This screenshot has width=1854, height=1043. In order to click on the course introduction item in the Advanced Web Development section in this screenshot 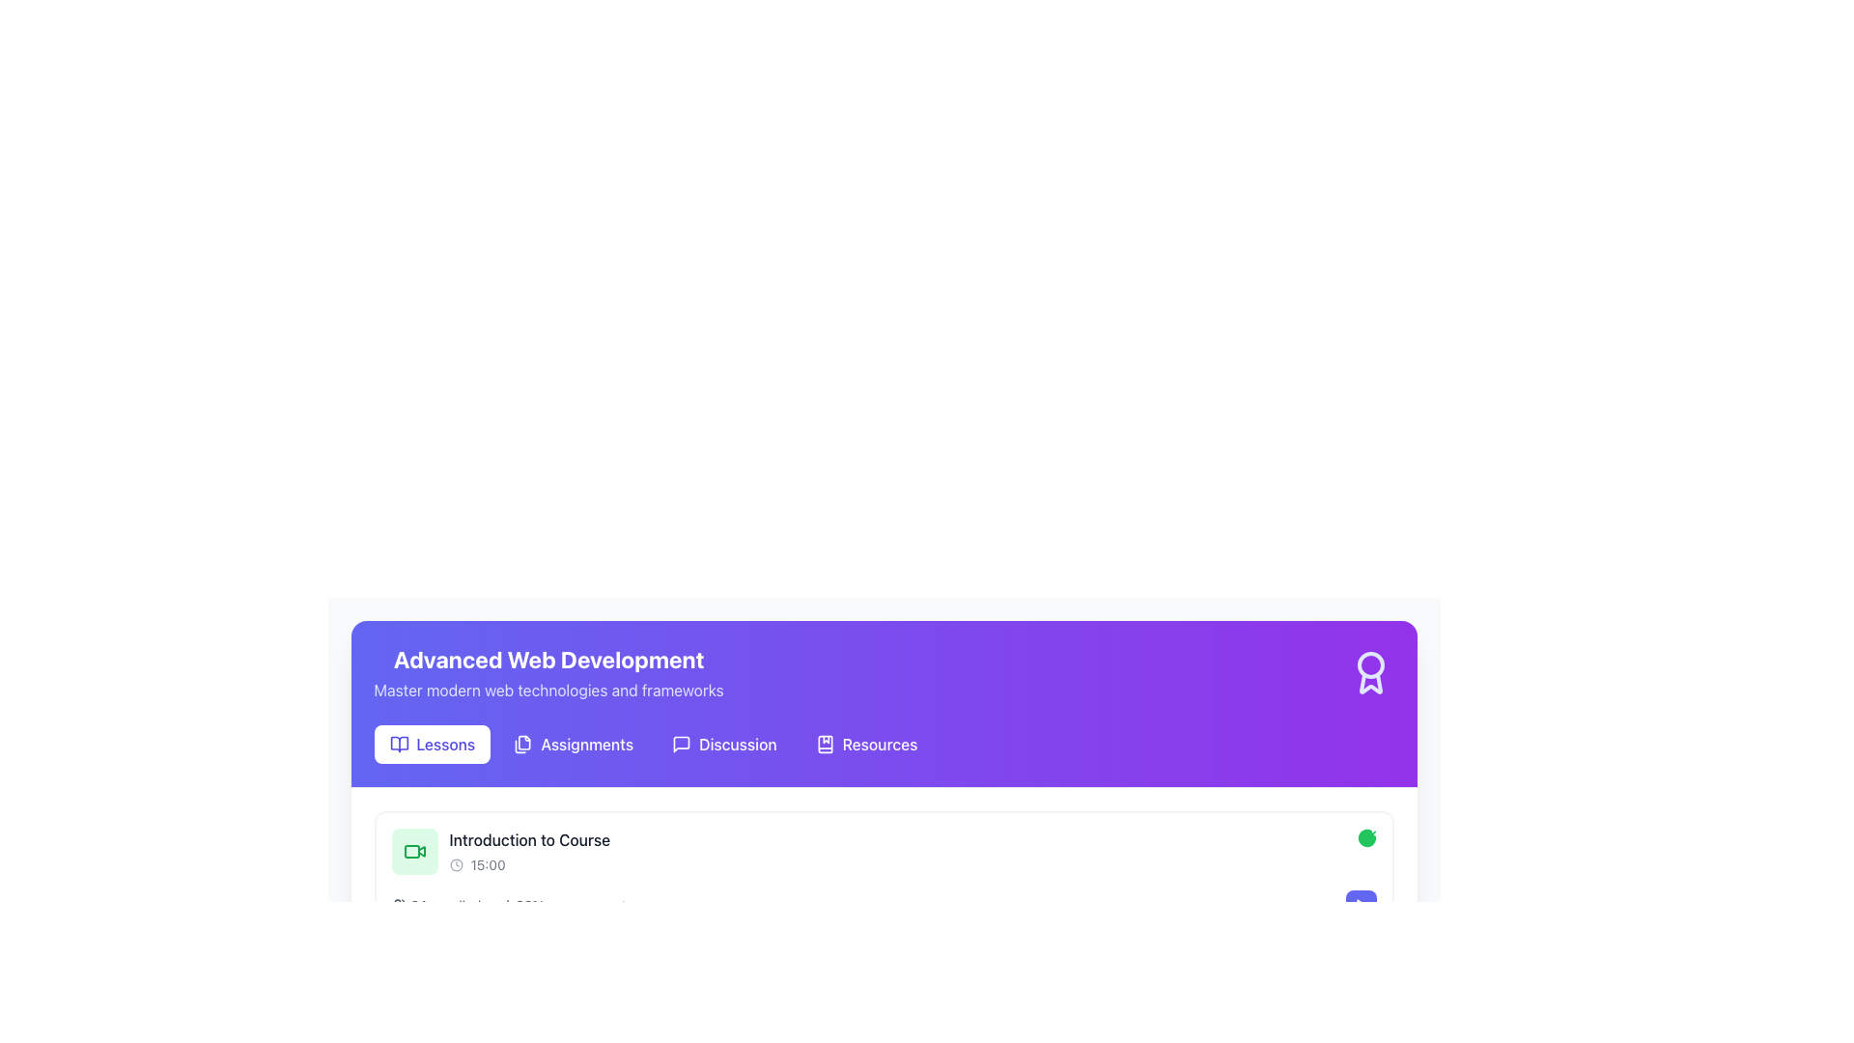, I will do `click(500, 851)`.